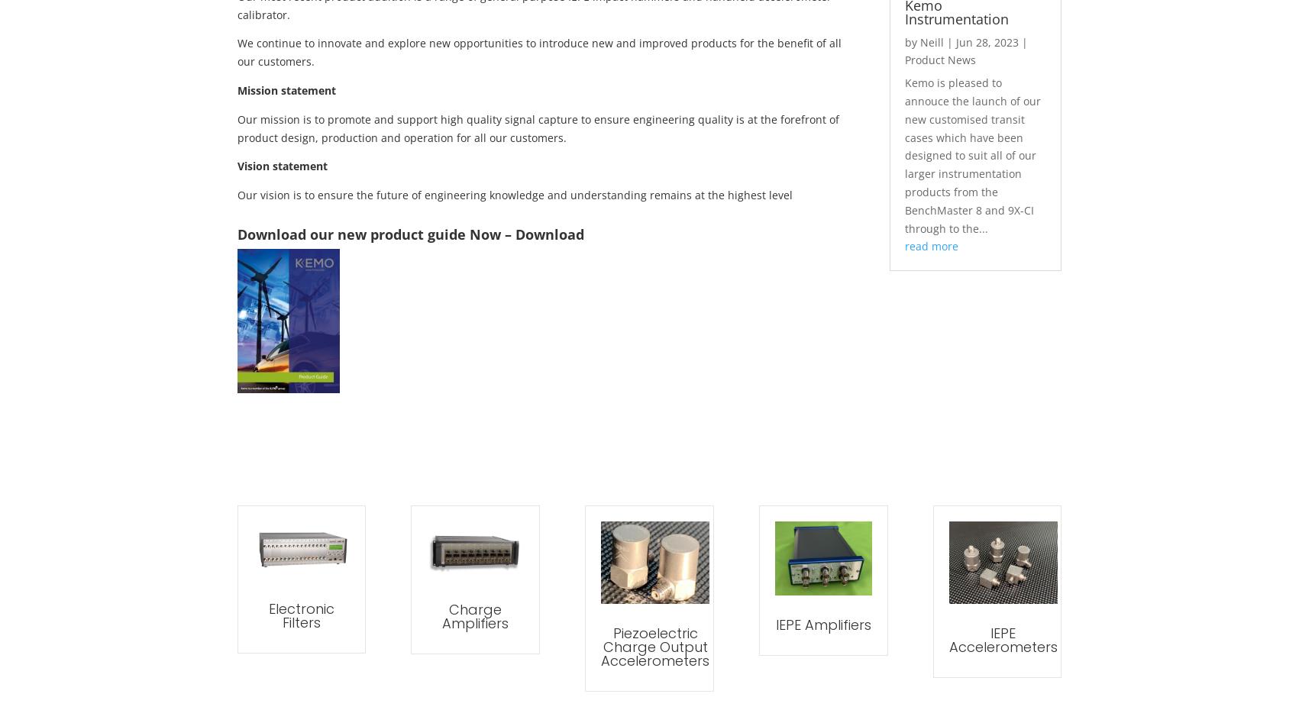 The height and width of the screenshot is (723, 1299). I want to click on 'Electronic Filters', so click(299, 615).